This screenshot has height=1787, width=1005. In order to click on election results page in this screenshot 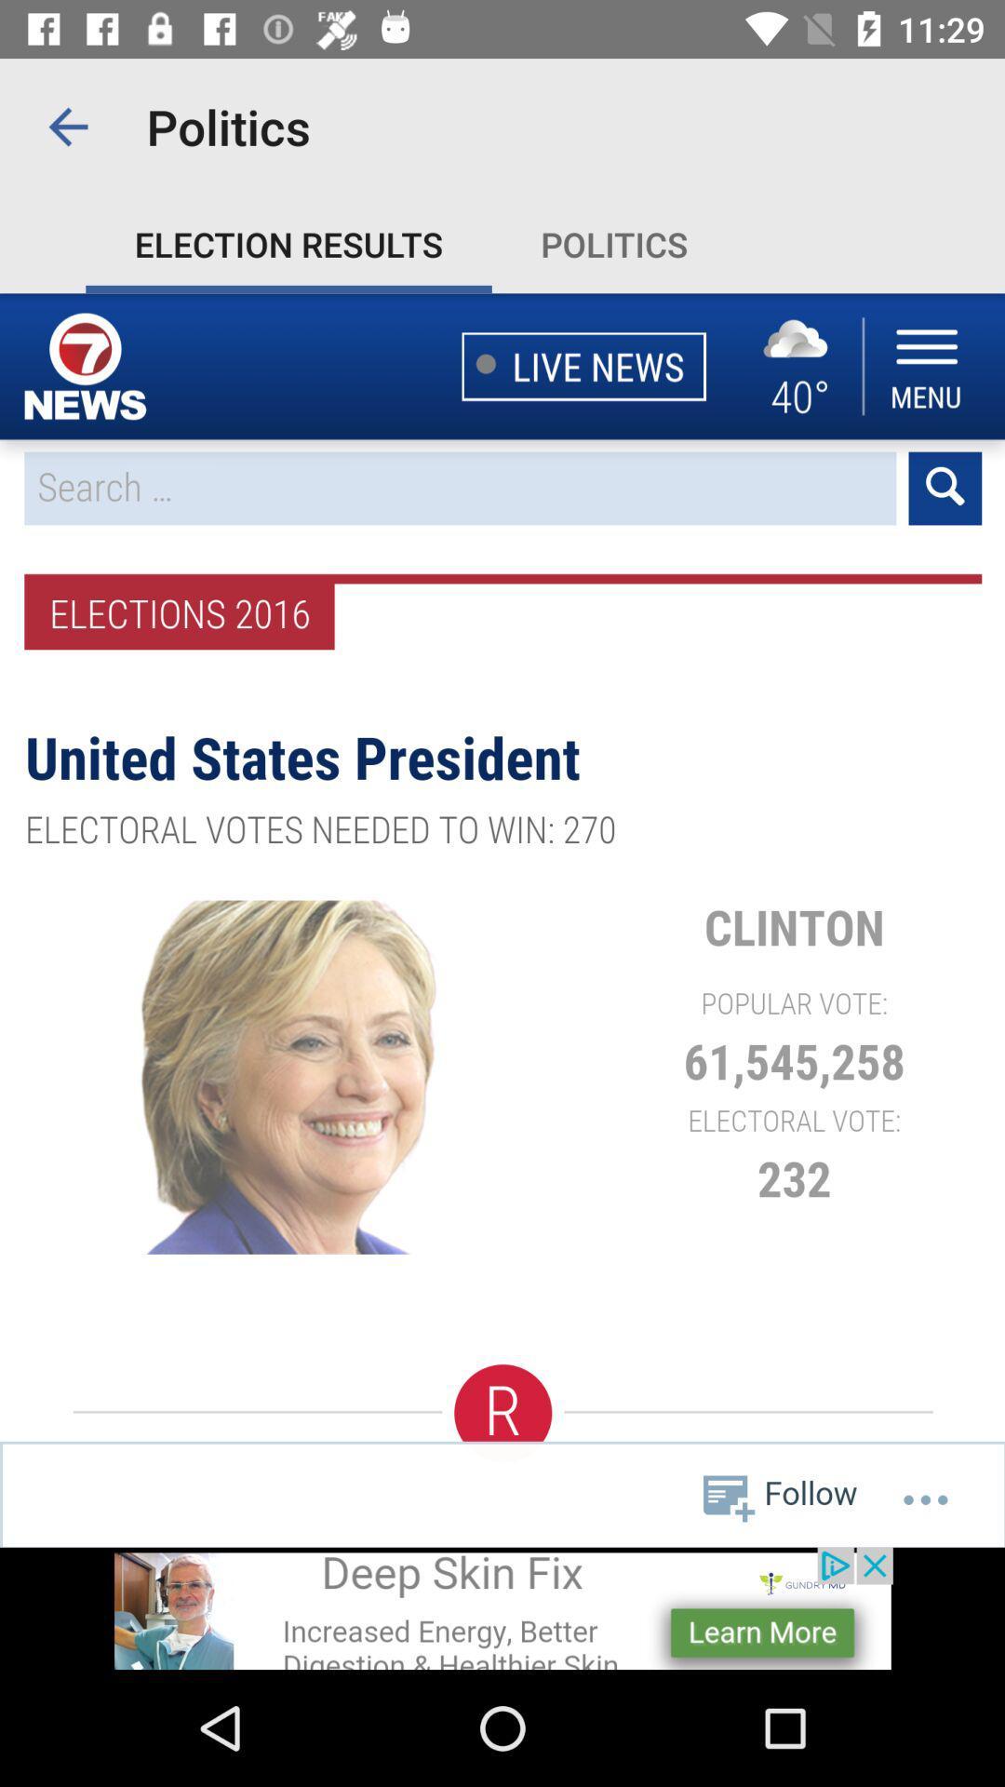, I will do `click(502, 920)`.